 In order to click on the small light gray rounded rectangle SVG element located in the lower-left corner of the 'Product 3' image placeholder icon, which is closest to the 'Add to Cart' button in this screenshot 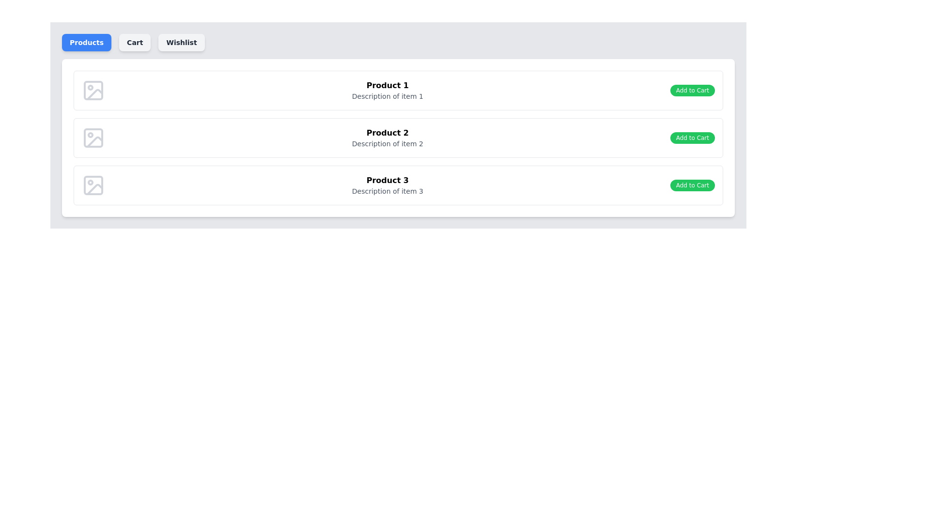, I will do `click(93, 185)`.